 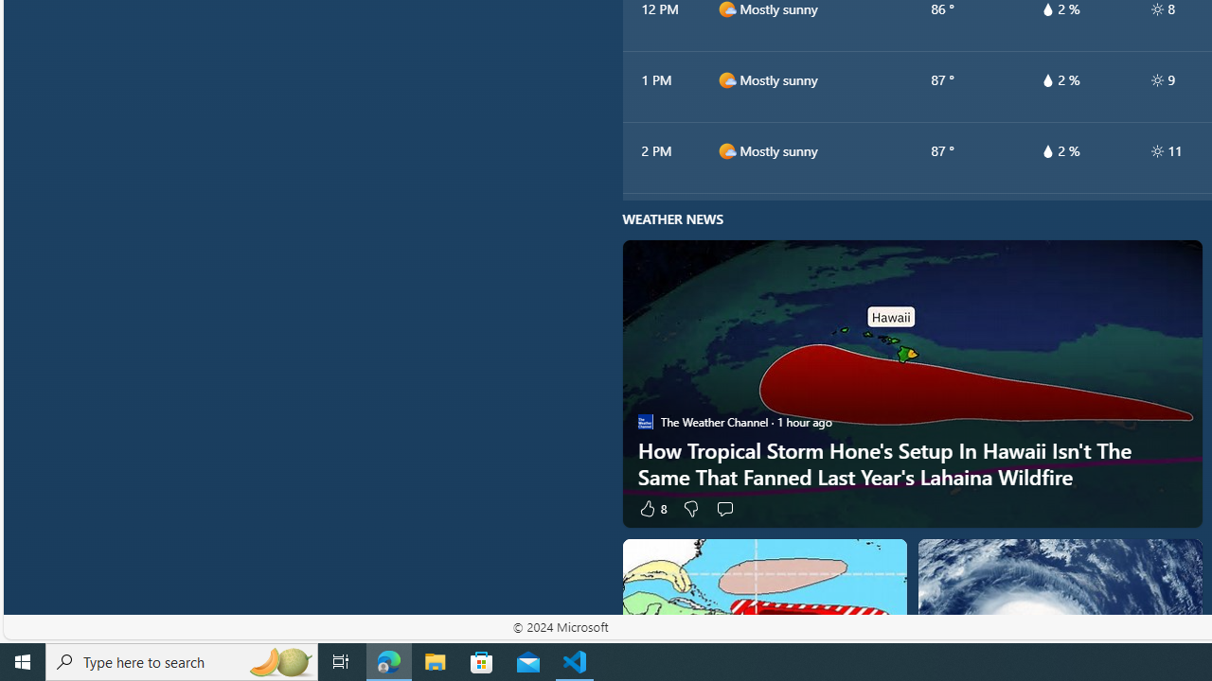 I want to click on 'The Weather Channel', so click(x=645, y=421).